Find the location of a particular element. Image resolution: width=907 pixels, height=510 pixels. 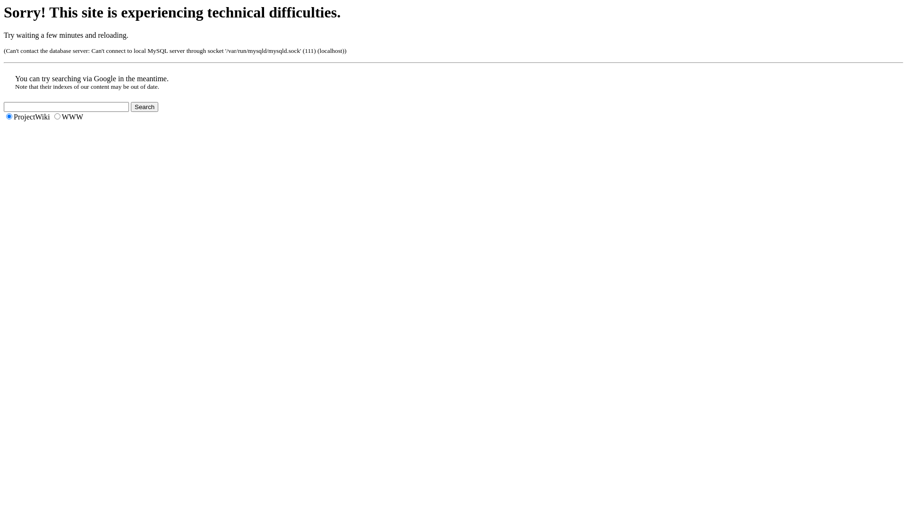

'Search' is located at coordinates (144, 106).